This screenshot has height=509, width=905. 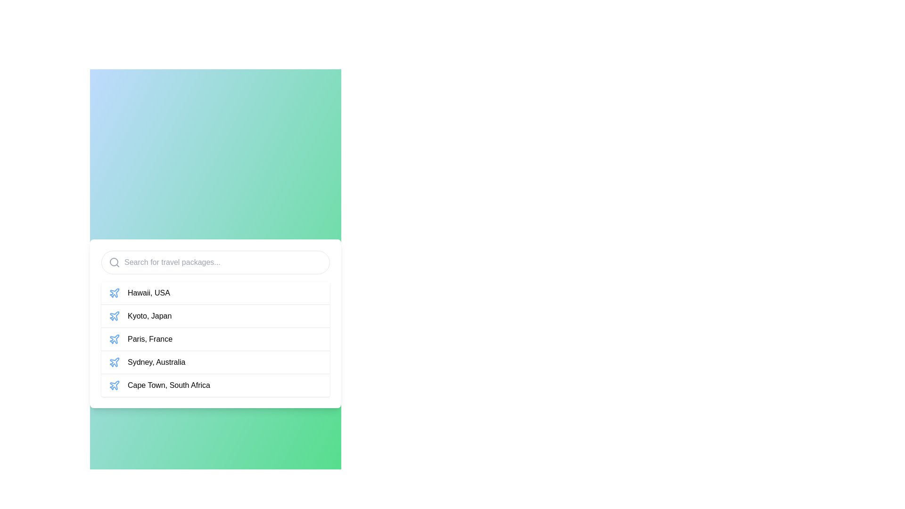 I want to click on the airplane icon in the entry labeled 'Kyoto, Japan', so click(x=114, y=316).